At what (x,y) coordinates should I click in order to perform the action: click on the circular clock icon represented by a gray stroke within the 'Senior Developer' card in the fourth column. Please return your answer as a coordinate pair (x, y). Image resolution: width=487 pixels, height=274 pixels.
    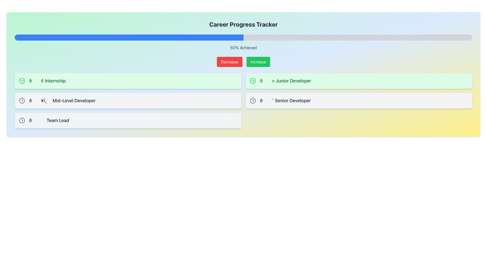
    Looking at the image, I should click on (253, 101).